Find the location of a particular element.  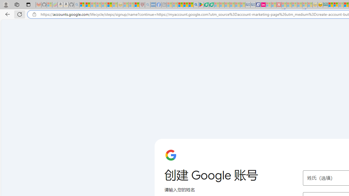

'Microsoft-Report a Concern to Bing - Sleeping' is located at coordinates (49, 5).